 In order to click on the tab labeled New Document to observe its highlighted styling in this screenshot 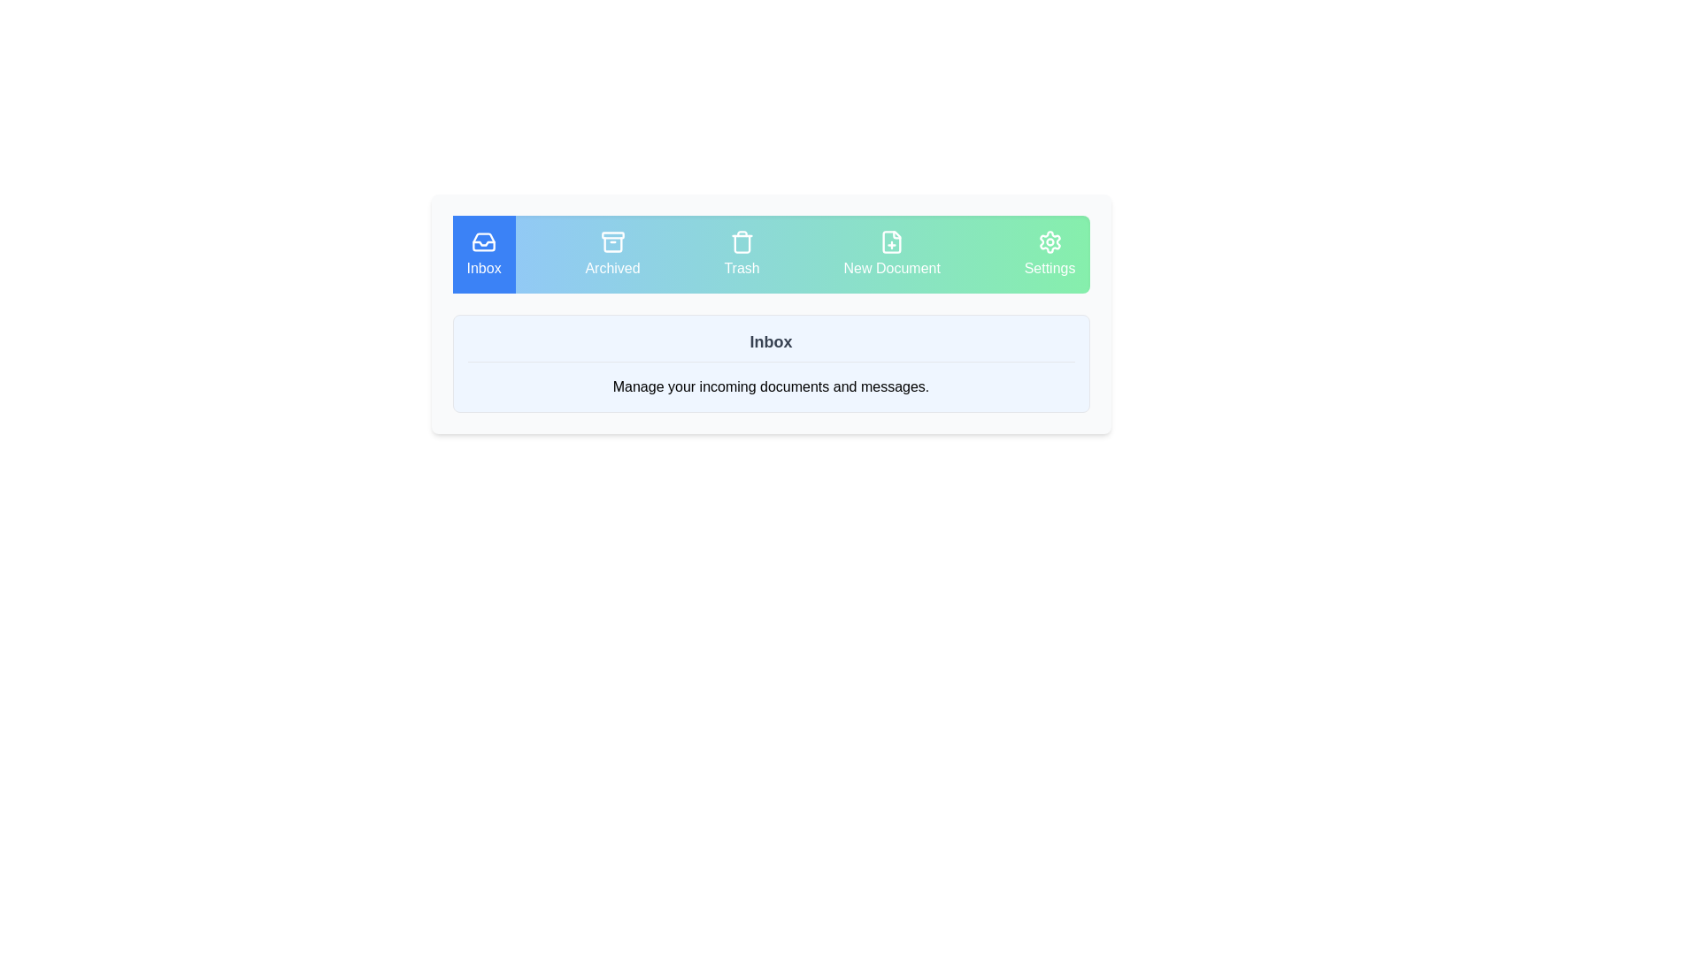, I will do `click(892, 255)`.